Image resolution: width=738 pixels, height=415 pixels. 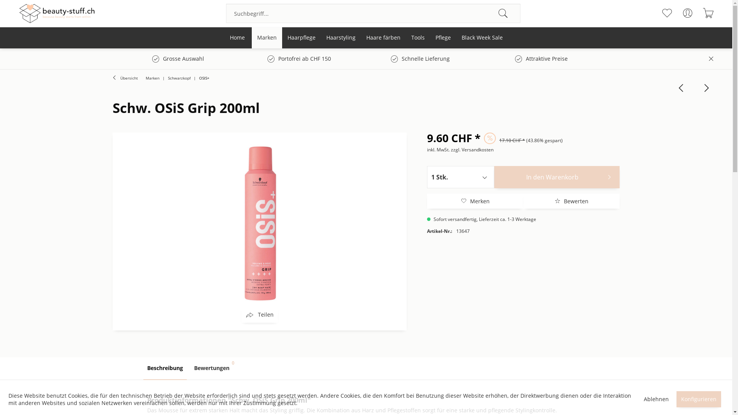 What do you see at coordinates (704, 87) in the screenshot?
I see `'Schw. OSiS Sparkler 300ml'` at bounding box center [704, 87].